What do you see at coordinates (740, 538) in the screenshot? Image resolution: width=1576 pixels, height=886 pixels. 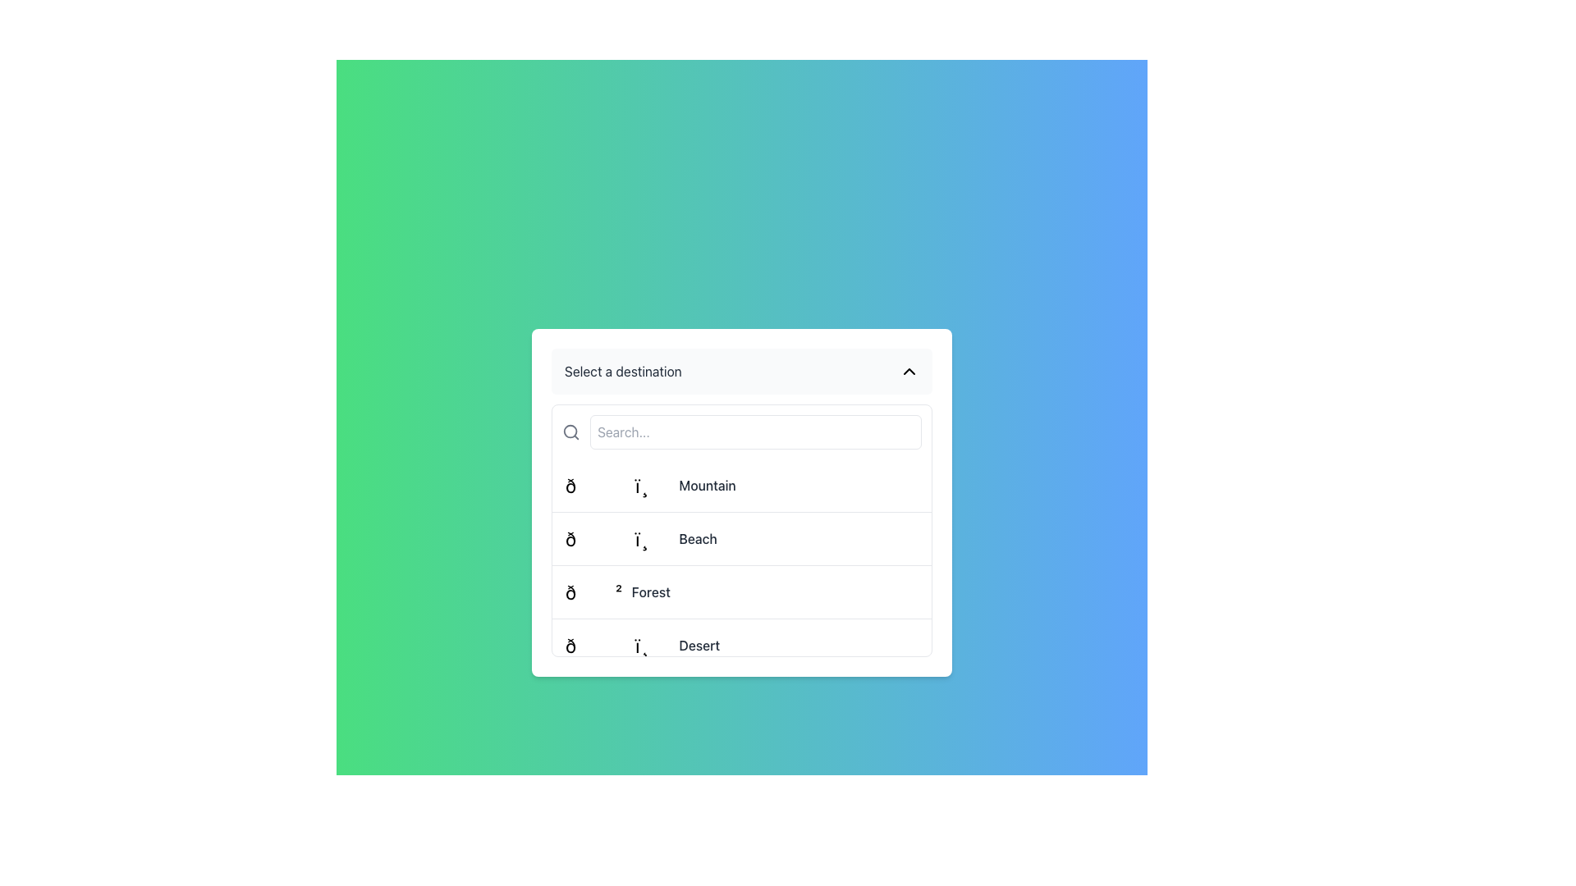 I see `the second list item labeled 'Beach' in the dropdown menu to change its background color` at bounding box center [740, 538].